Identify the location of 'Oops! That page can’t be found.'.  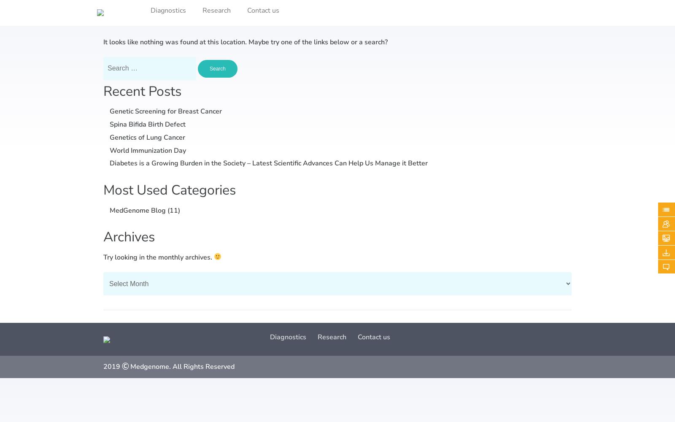
(222, 14).